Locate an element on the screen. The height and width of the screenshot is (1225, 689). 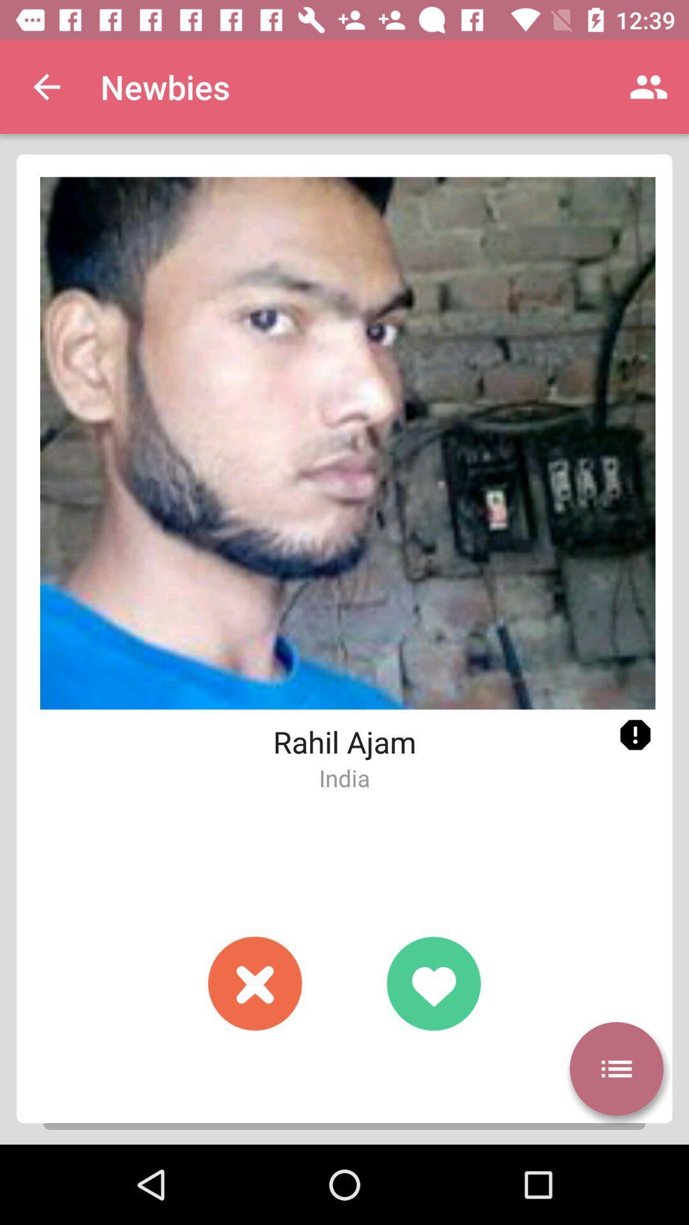
the list icon is located at coordinates (616, 1069).